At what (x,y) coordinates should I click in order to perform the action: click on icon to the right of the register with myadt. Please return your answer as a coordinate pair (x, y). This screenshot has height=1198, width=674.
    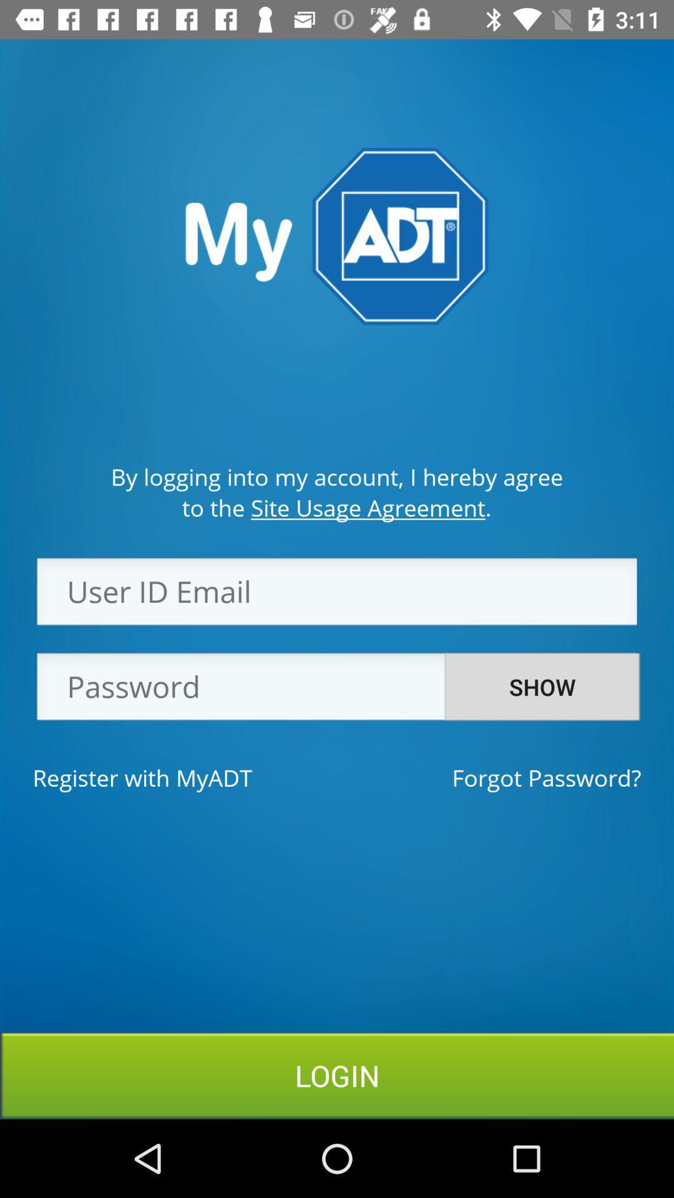
    Looking at the image, I should click on (545, 777).